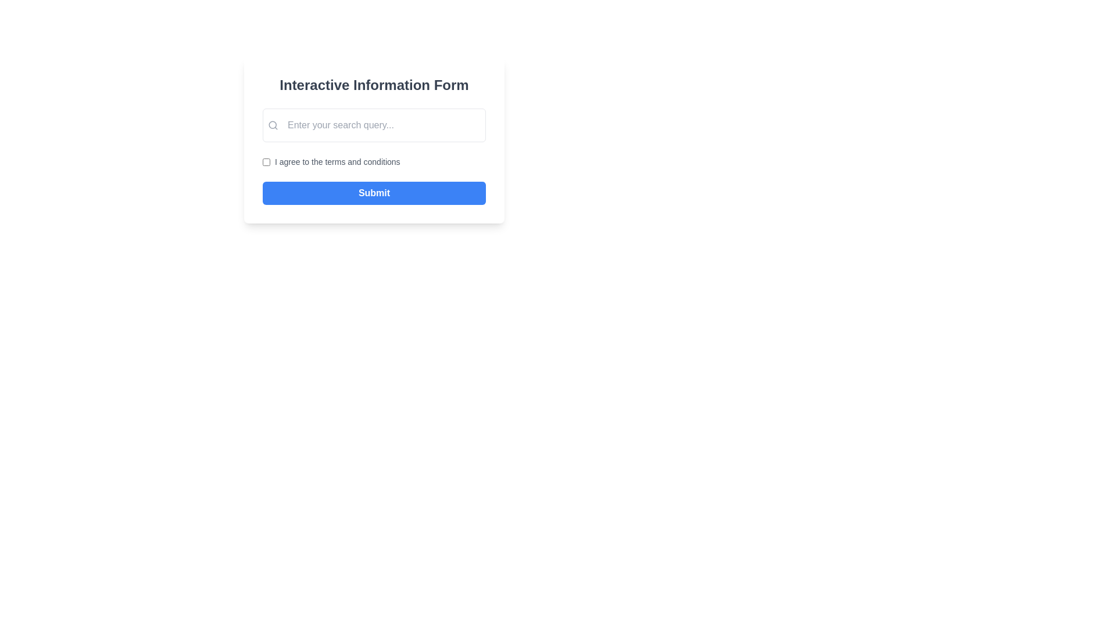 This screenshot has width=1116, height=627. What do you see at coordinates (266, 161) in the screenshot?
I see `the Checkbox UI Control` at bounding box center [266, 161].